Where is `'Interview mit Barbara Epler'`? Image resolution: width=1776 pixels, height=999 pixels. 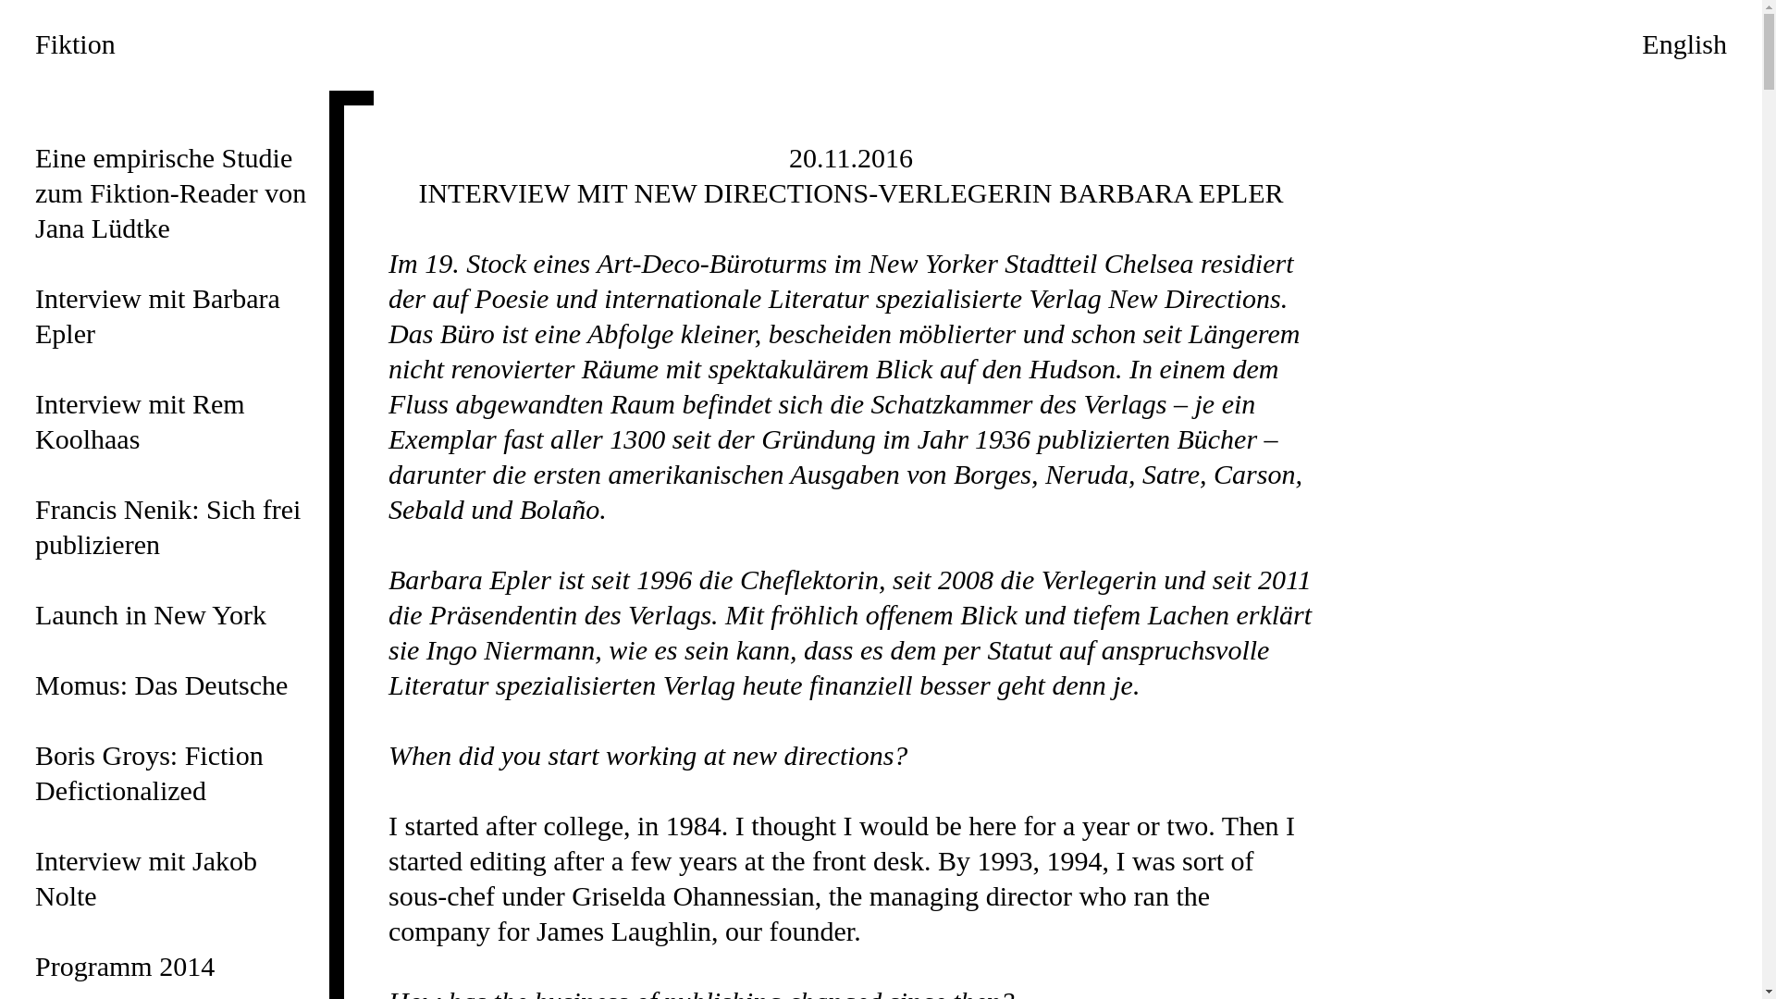
'Interview mit Barbara Epler' is located at coordinates (157, 314).